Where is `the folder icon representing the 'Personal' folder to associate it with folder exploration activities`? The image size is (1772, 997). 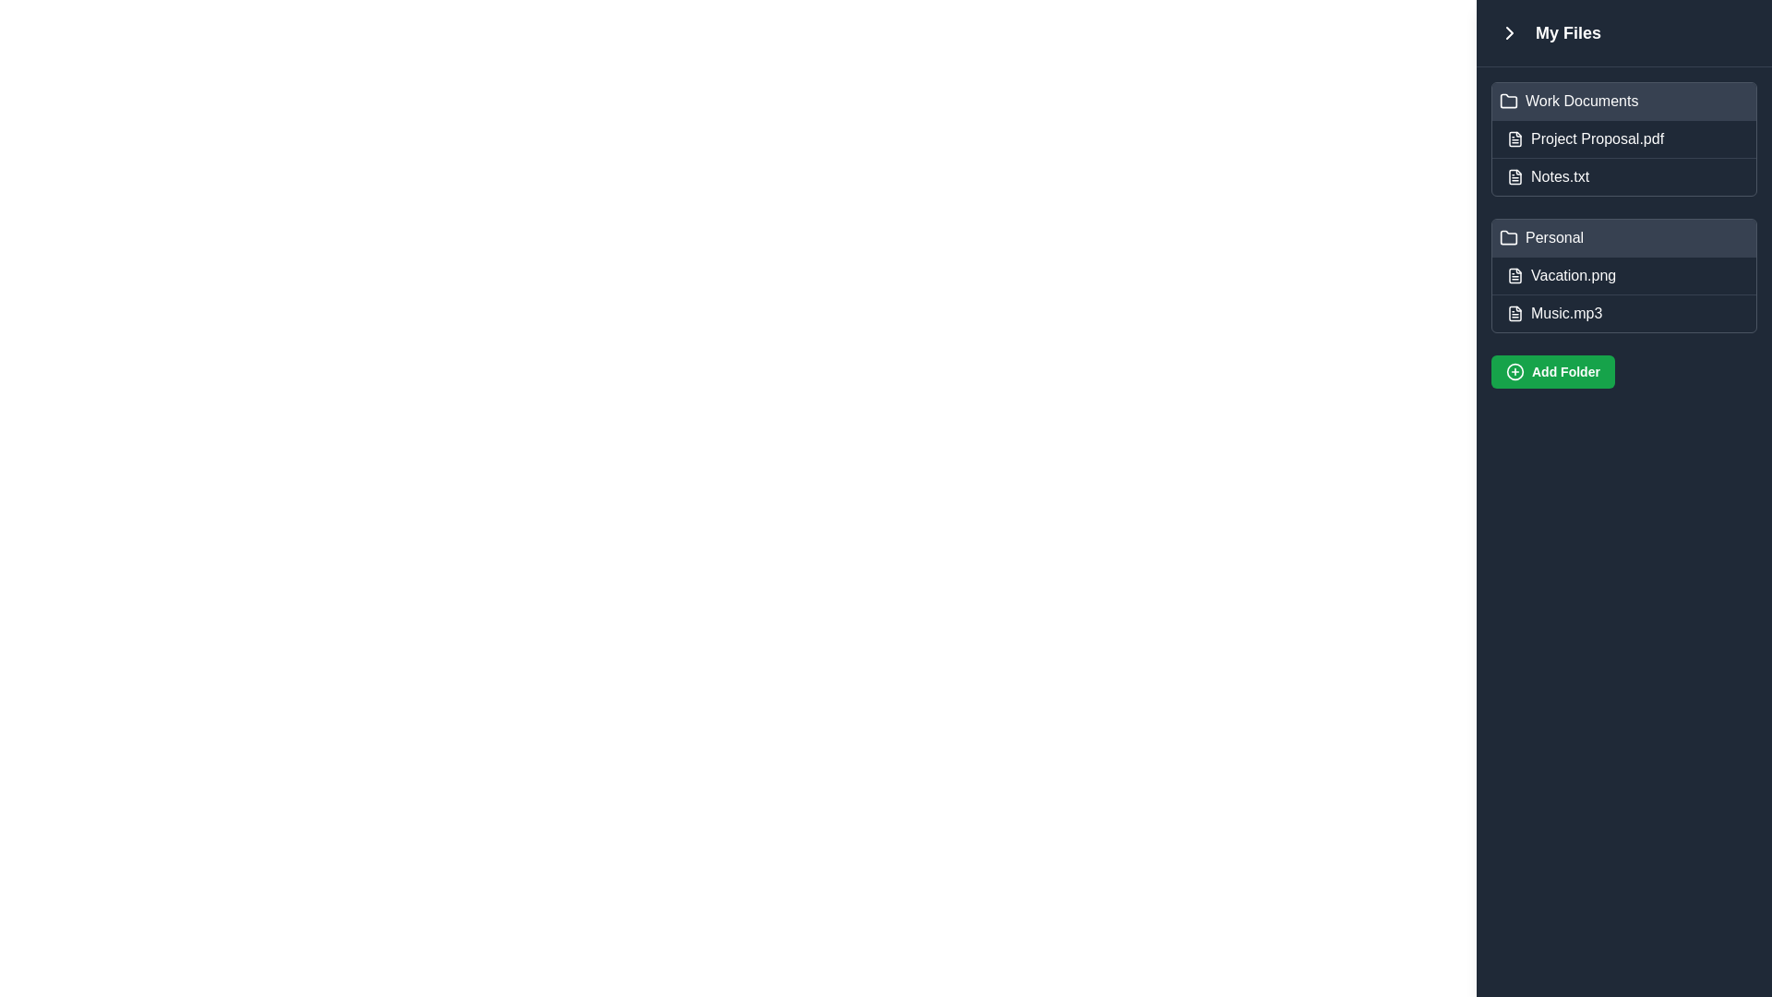 the folder icon representing the 'Personal' folder to associate it with folder exploration activities is located at coordinates (1509, 236).